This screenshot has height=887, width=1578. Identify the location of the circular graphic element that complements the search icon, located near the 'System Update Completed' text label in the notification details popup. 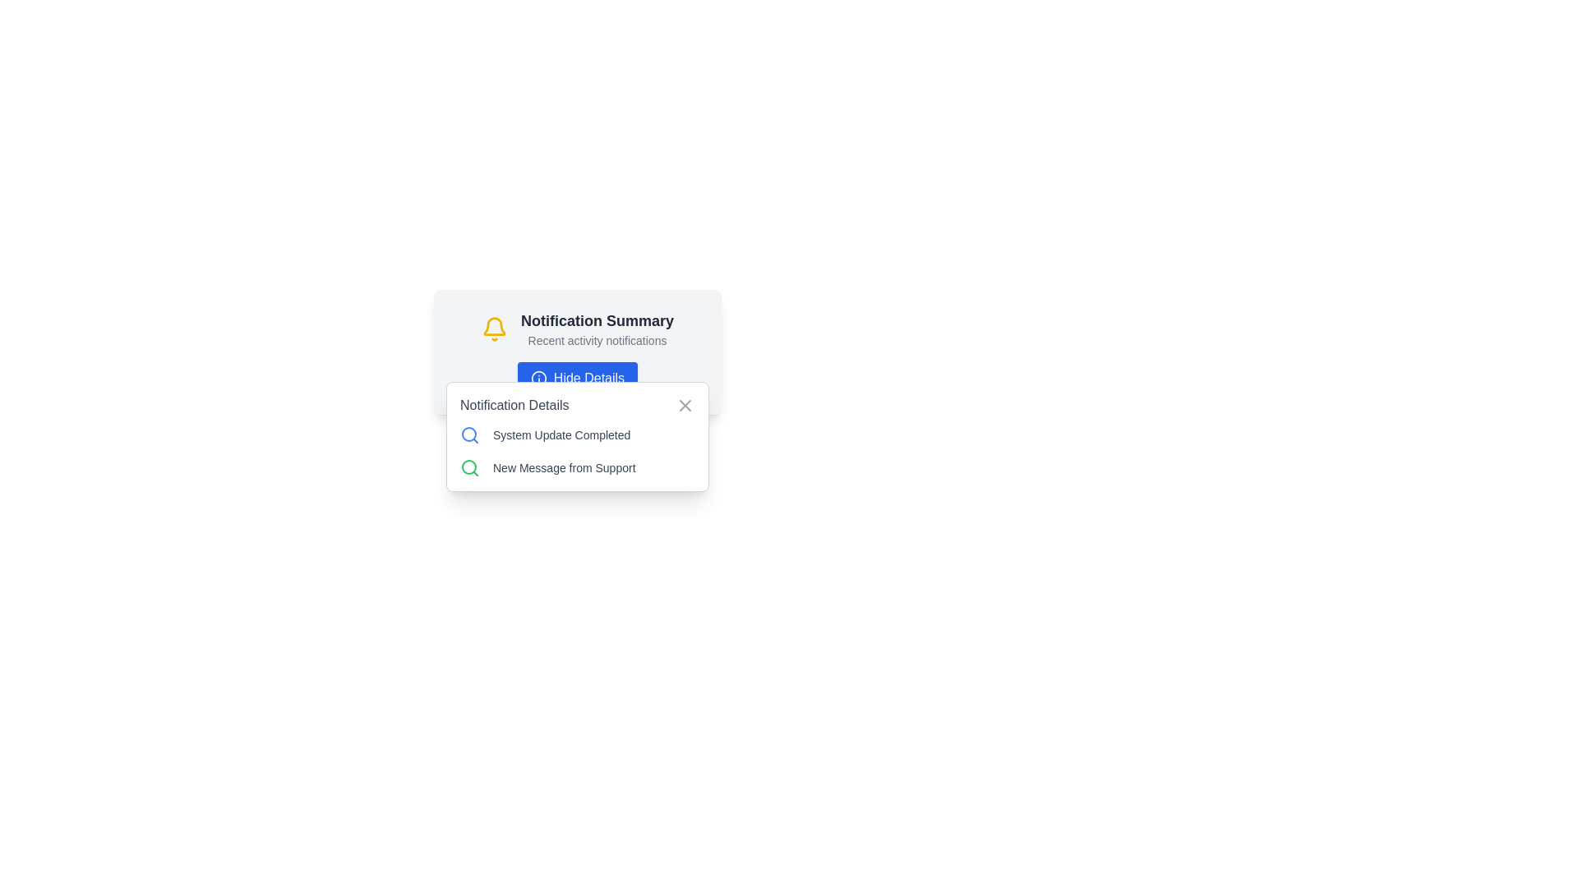
(468, 467).